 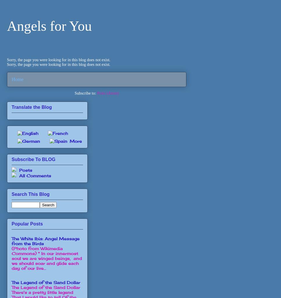 I want to click on 'Subscribe To BLOG', so click(x=33, y=159).